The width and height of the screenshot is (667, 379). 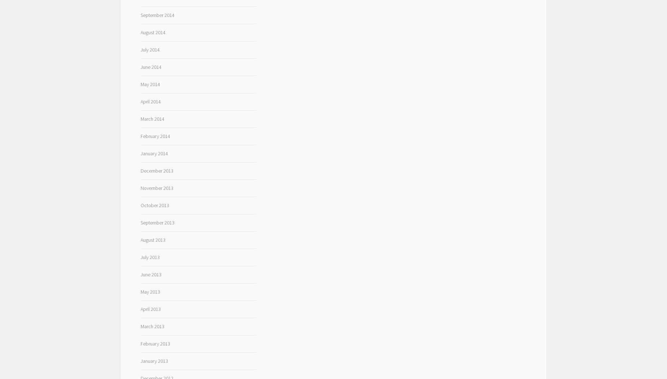 I want to click on 'August 2014', so click(x=152, y=32).